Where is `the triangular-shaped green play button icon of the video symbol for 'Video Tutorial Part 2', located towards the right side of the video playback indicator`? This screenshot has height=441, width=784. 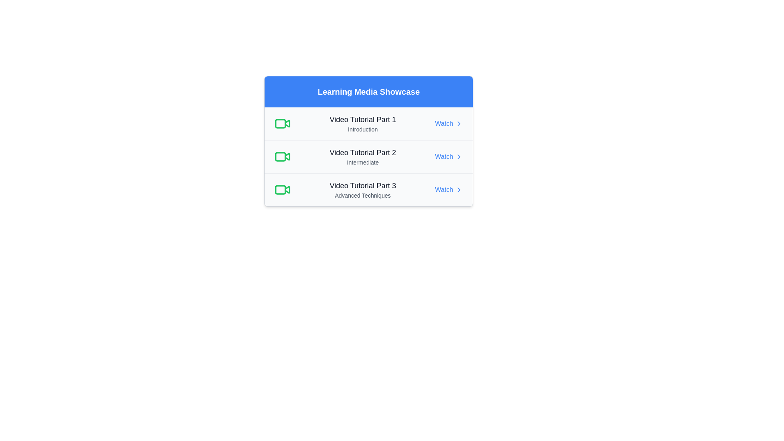 the triangular-shaped green play button icon of the video symbol for 'Video Tutorial Part 2', located towards the right side of the video playback indicator is located at coordinates (287, 156).